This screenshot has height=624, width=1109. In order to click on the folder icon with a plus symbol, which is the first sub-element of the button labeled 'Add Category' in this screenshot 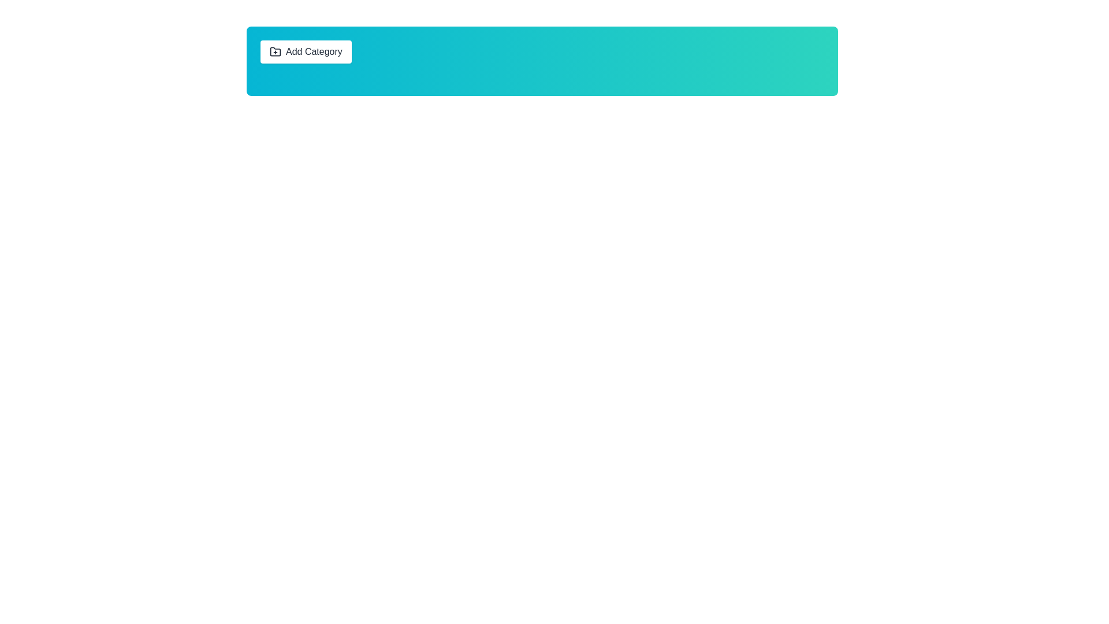, I will do `click(274, 51)`.